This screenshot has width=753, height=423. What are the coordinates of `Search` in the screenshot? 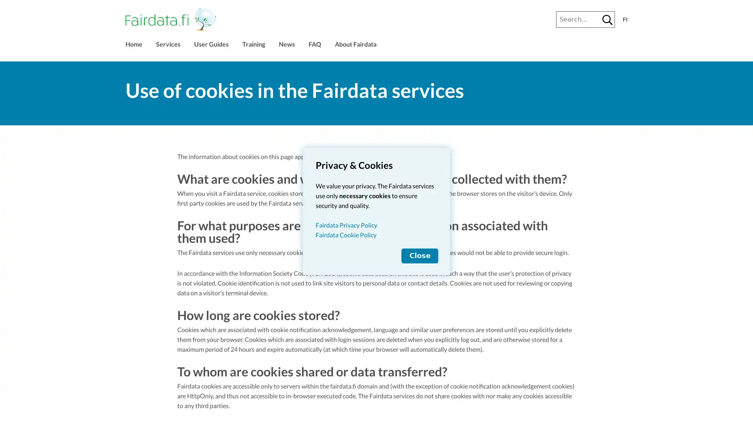 It's located at (607, 19).